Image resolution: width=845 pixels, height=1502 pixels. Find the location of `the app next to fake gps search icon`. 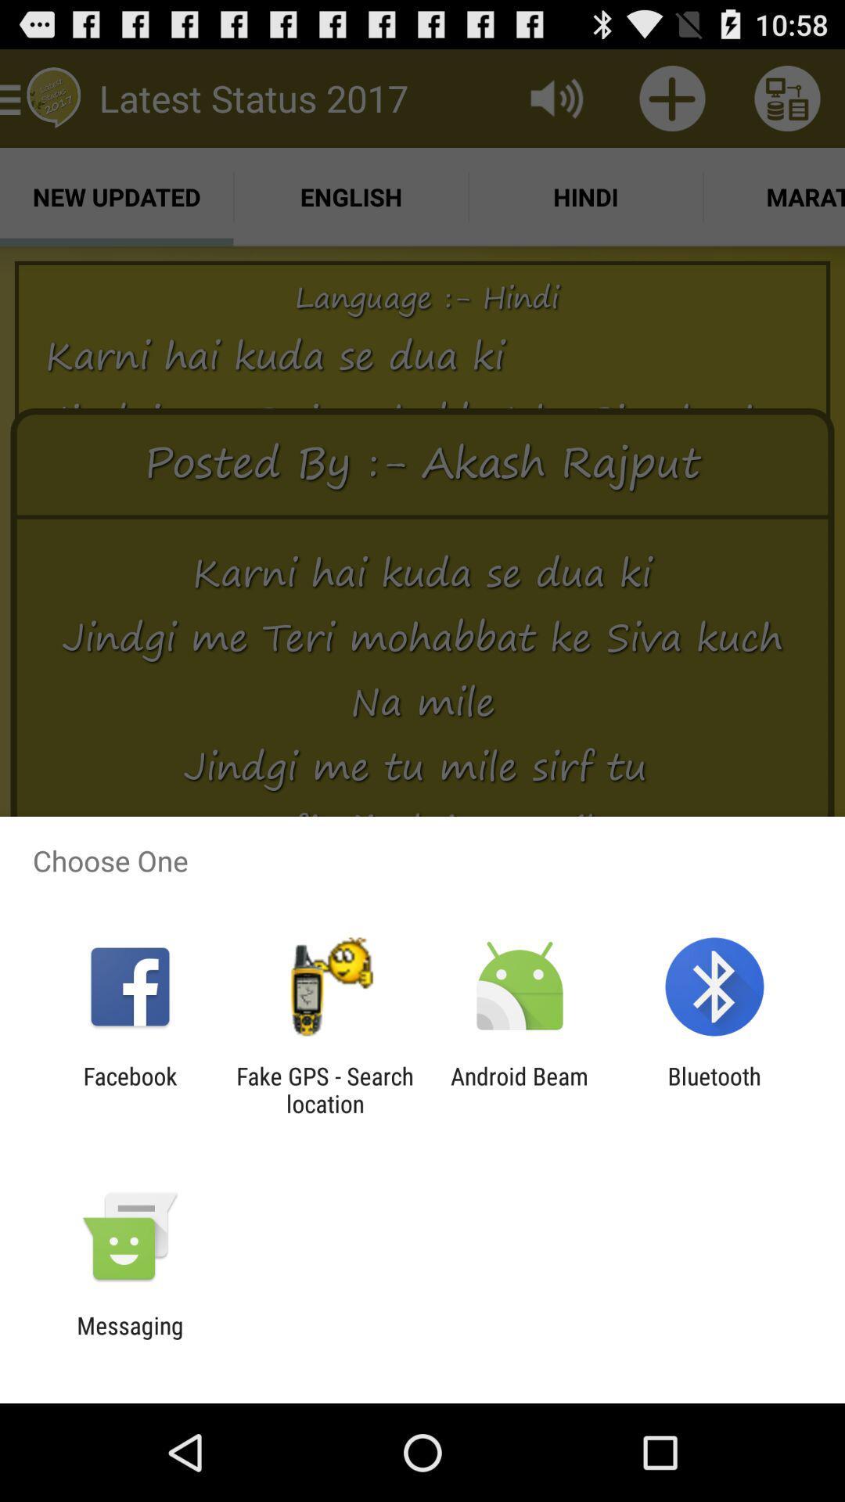

the app next to fake gps search icon is located at coordinates (520, 1089).